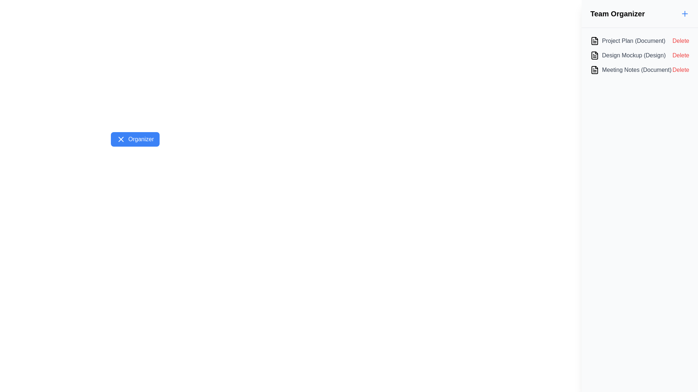 The height and width of the screenshot is (392, 698). Describe the element at coordinates (135, 139) in the screenshot. I see `the prominent button located near the top-left corner of the interface` at that location.